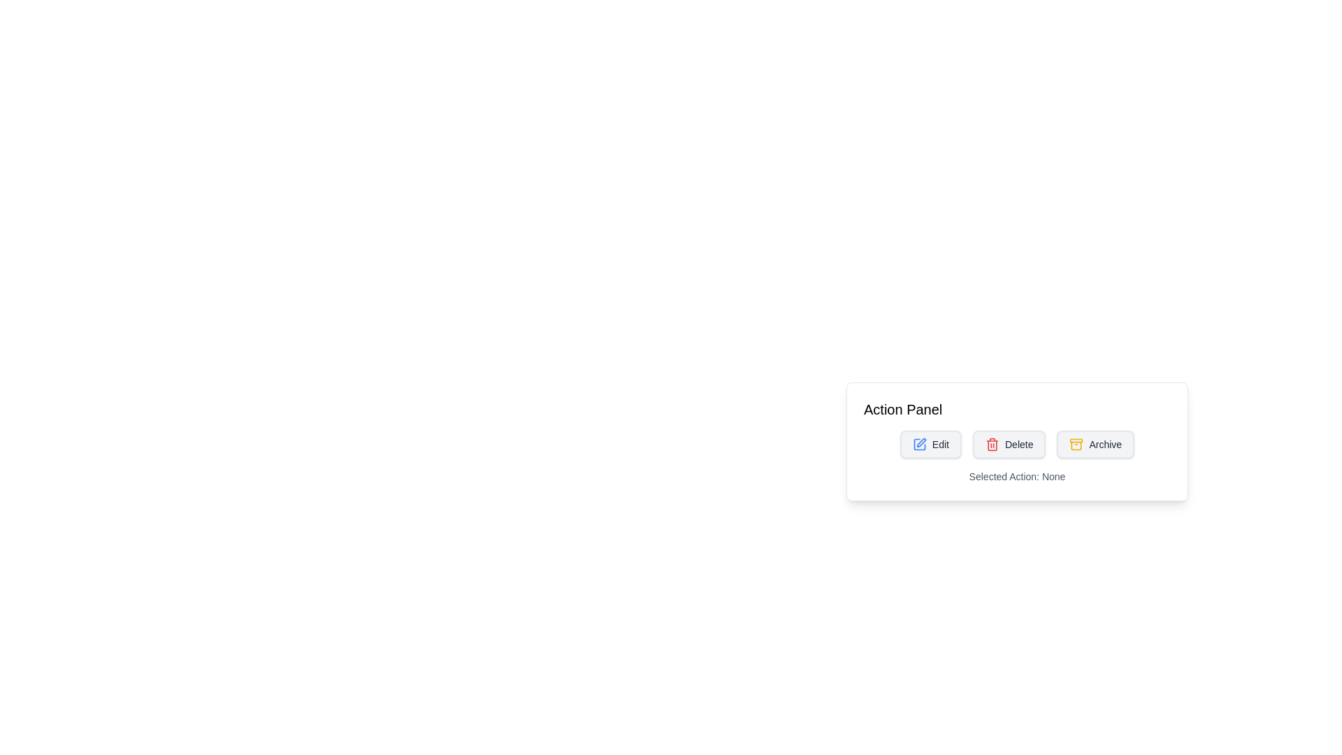 The height and width of the screenshot is (755, 1342). Describe the element at coordinates (903, 409) in the screenshot. I see `the Text Display that indicates the title or purpose of the associated panel, located at the top-left of the panel above the buttons labeled 'Edit', 'Delete', and 'Archive'` at that location.